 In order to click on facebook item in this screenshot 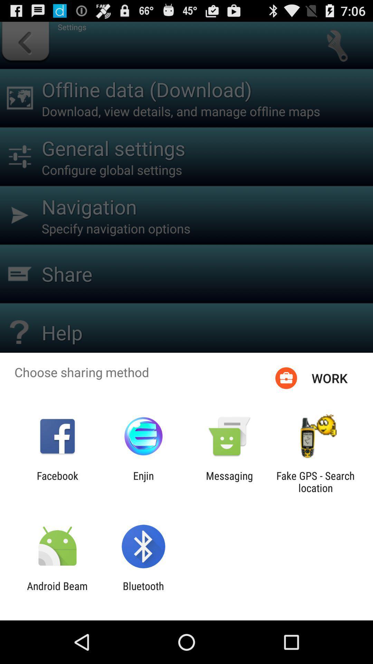, I will do `click(57, 481)`.